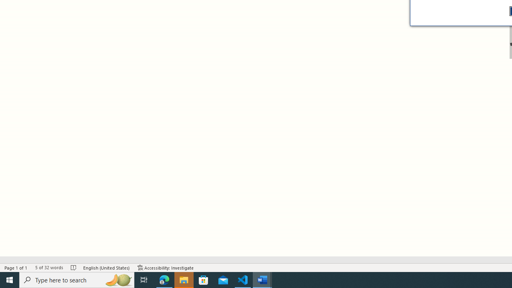 This screenshot has height=288, width=512. Describe the element at coordinates (262, 279) in the screenshot. I see `'Word - 2 running windows'` at that location.